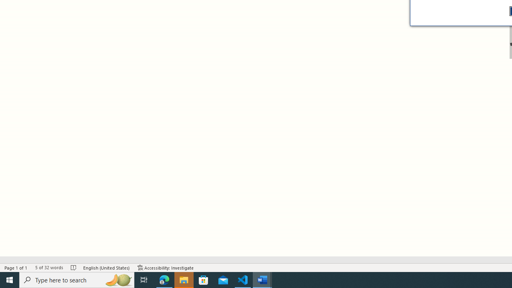 This screenshot has height=288, width=512. Describe the element at coordinates (262, 279) in the screenshot. I see `'Word - 2 running windows'` at that location.